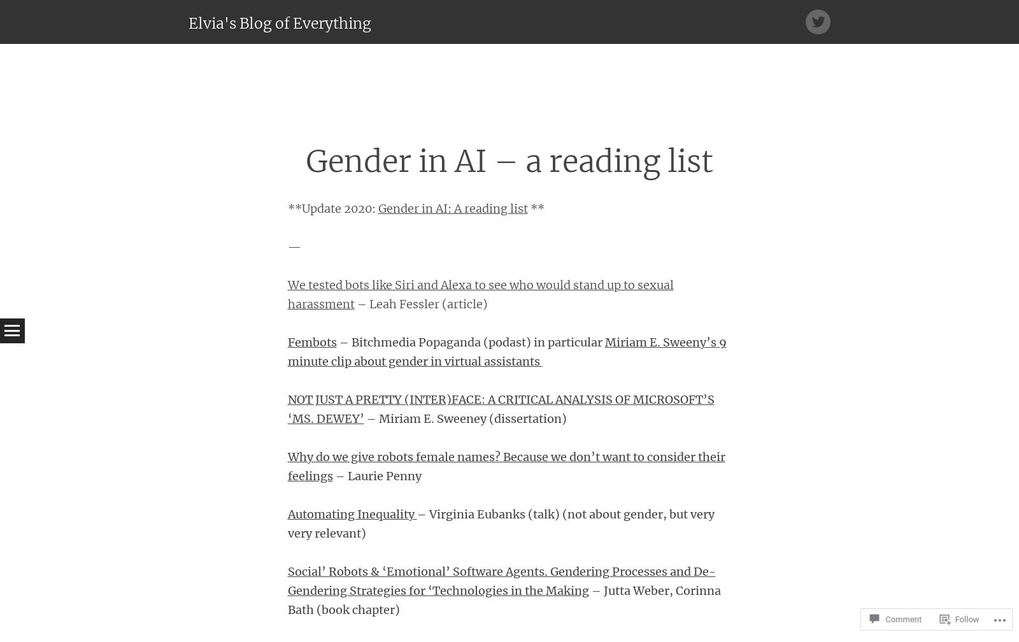 The image size is (1019, 642). I want to click on 'Gender in AI: A reading list', so click(376, 208).